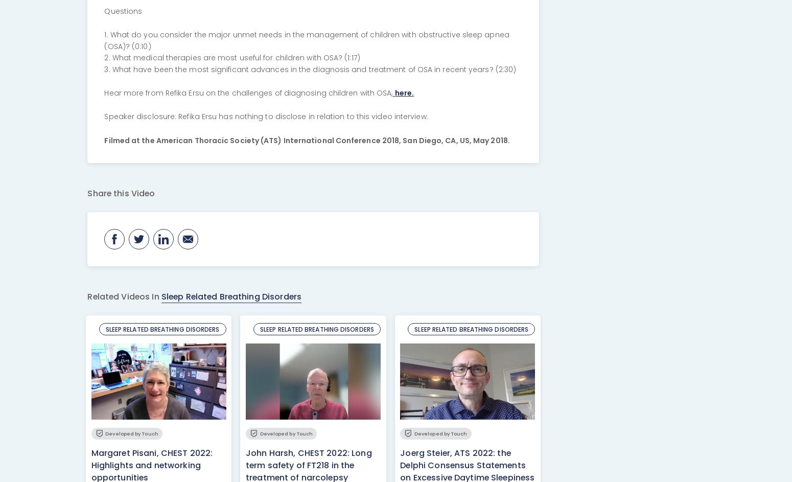 This screenshot has height=482, width=792. What do you see at coordinates (395, 28) in the screenshot?
I see `'Copied to clipboard!'` at bounding box center [395, 28].